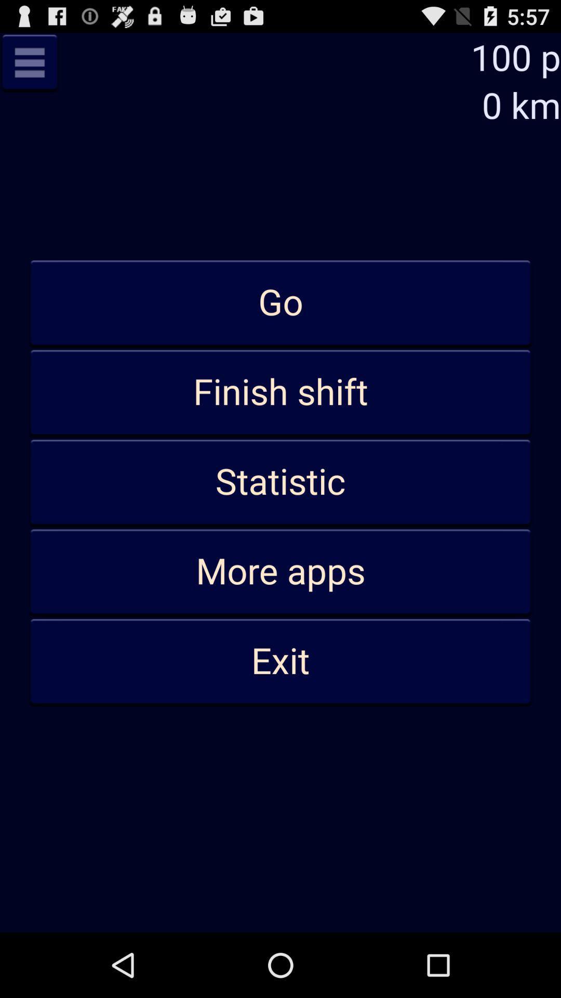  What do you see at coordinates (29, 62) in the screenshot?
I see `the icon at the top left corner` at bounding box center [29, 62].